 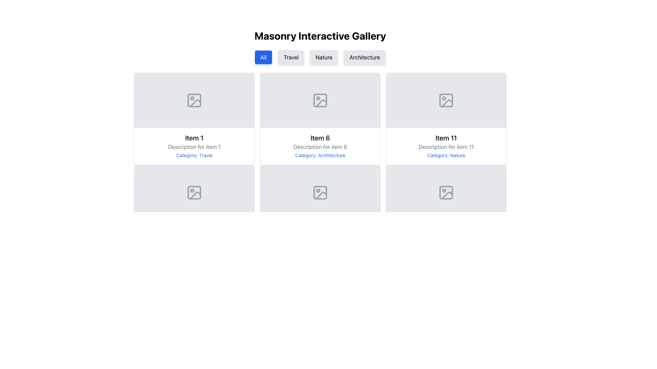 I want to click on the title text element located at the top left section of the grid layout, which serves as a heading for quick identification, so click(x=194, y=138).